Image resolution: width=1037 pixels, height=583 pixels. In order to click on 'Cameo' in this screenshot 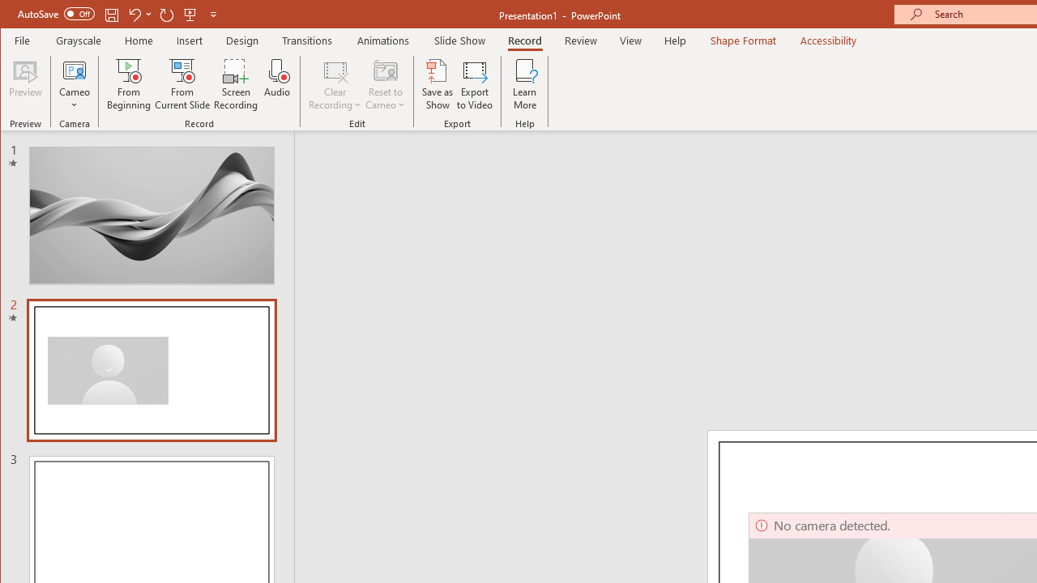, I will do `click(74, 84)`.